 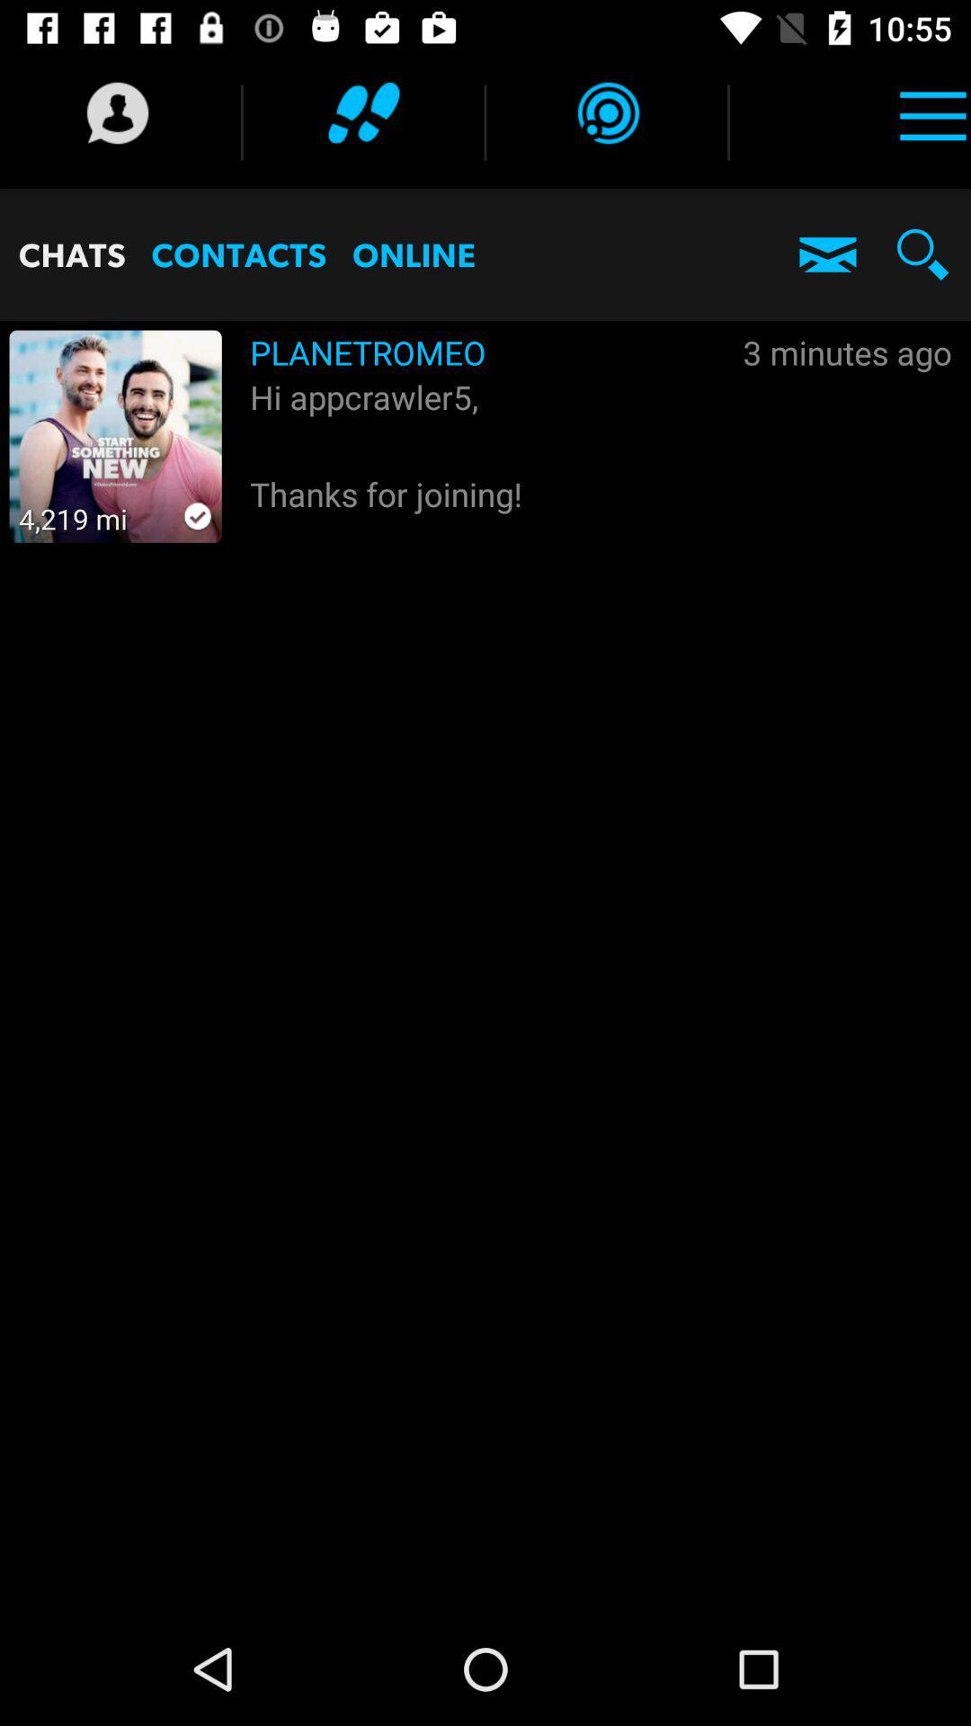 What do you see at coordinates (607, 111) in the screenshot?
I see `item above the planetromeo icon` at bounding box center [607, 111].